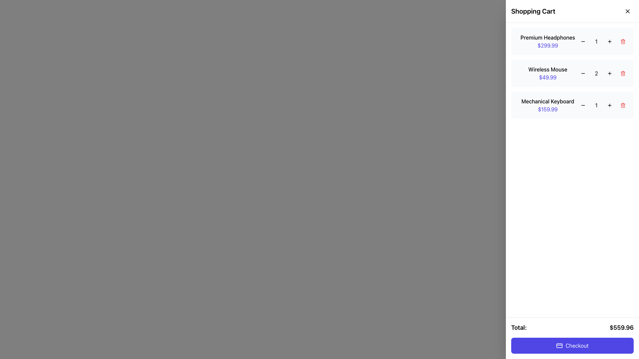 The height and width of the screenshot is (359, 639). I want to click on the small rounded button with an 'X' icon located at the top-right corner of the shopping cart interface, so click(627, 11).